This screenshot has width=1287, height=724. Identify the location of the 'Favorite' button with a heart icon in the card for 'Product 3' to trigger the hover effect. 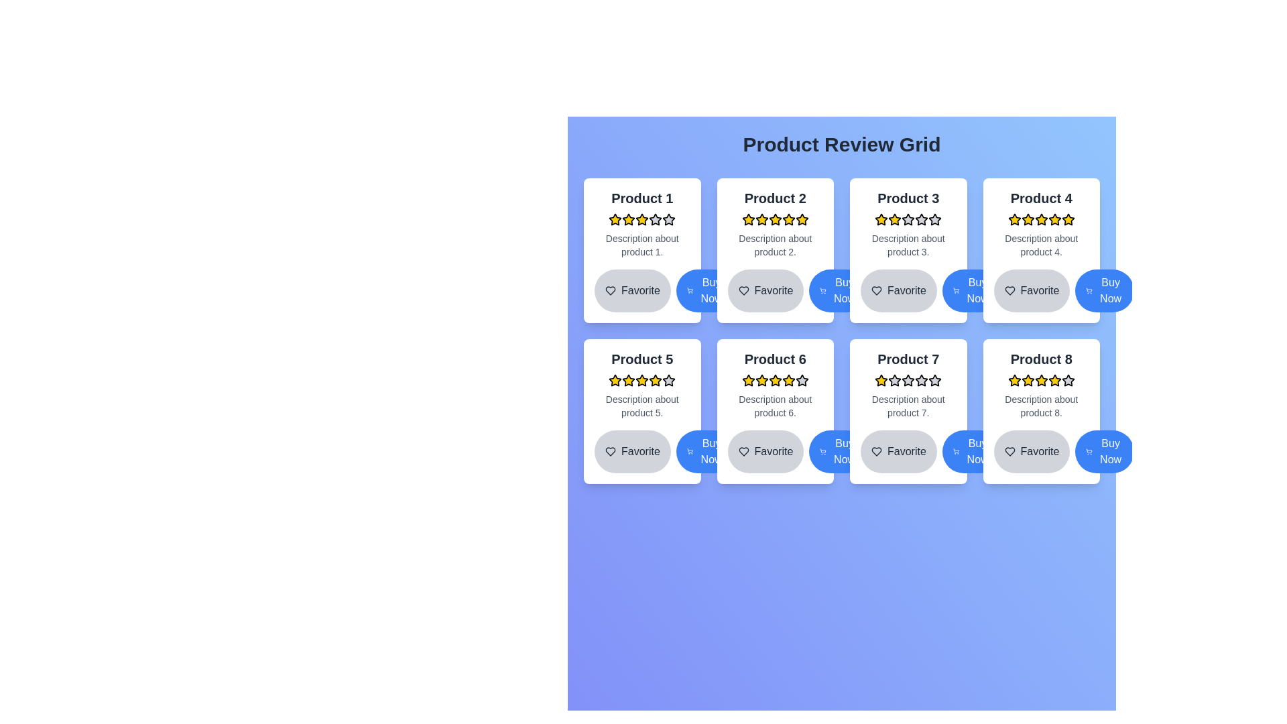
(908, 290).